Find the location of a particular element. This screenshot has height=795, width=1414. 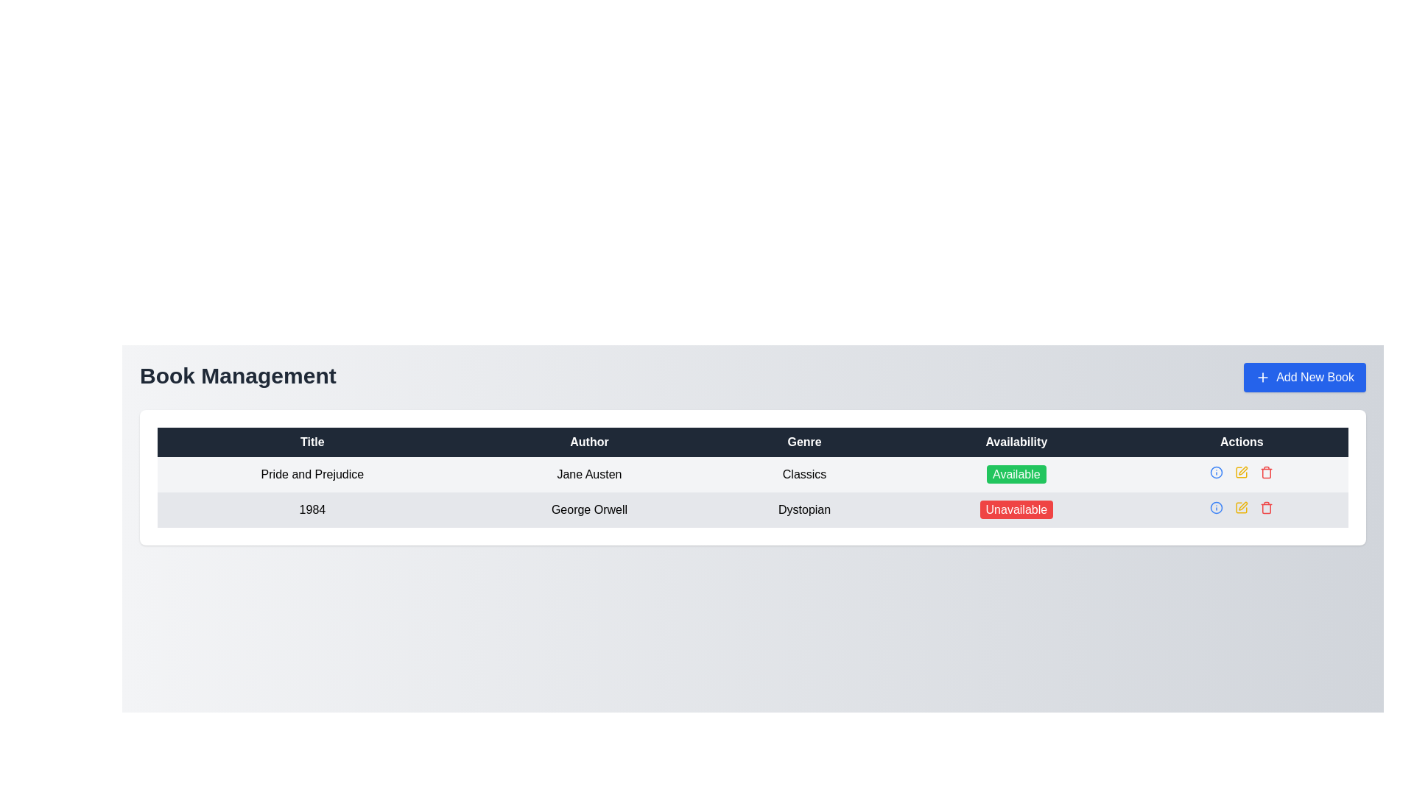

the text label displaying 'George Orwell' is located at coordinates (589, 509).